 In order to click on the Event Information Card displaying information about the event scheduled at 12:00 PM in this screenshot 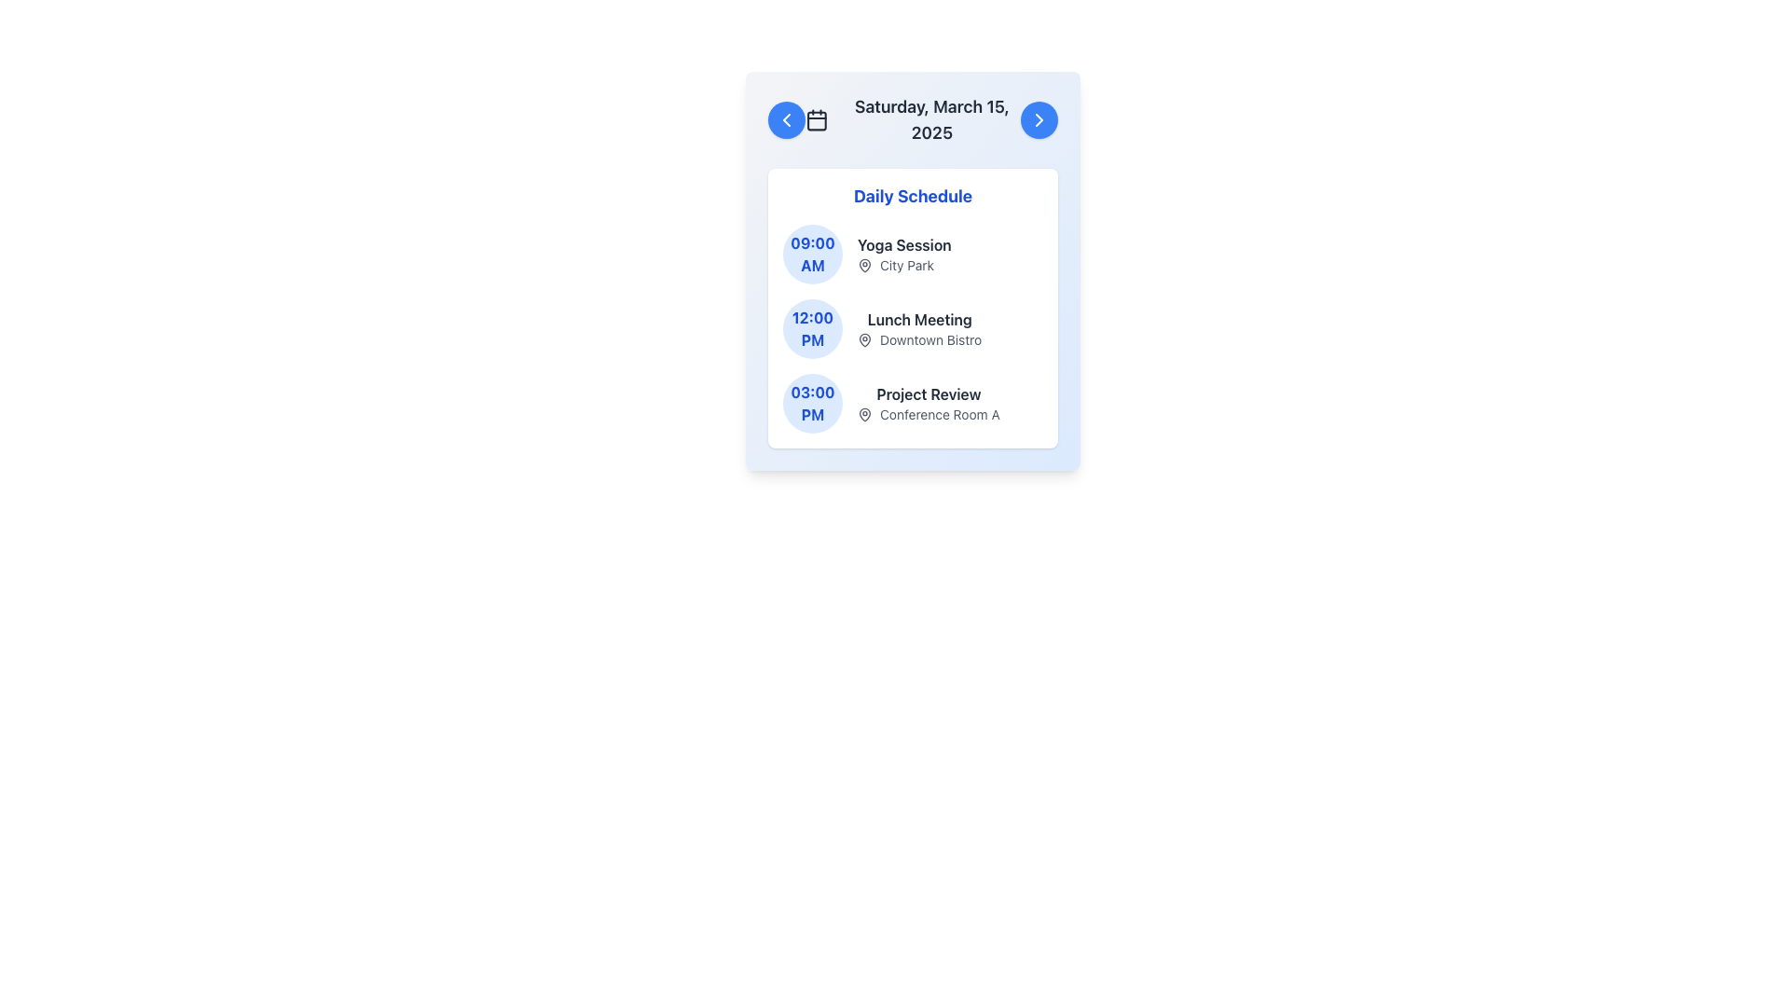, I will do `click(913, 328)`.